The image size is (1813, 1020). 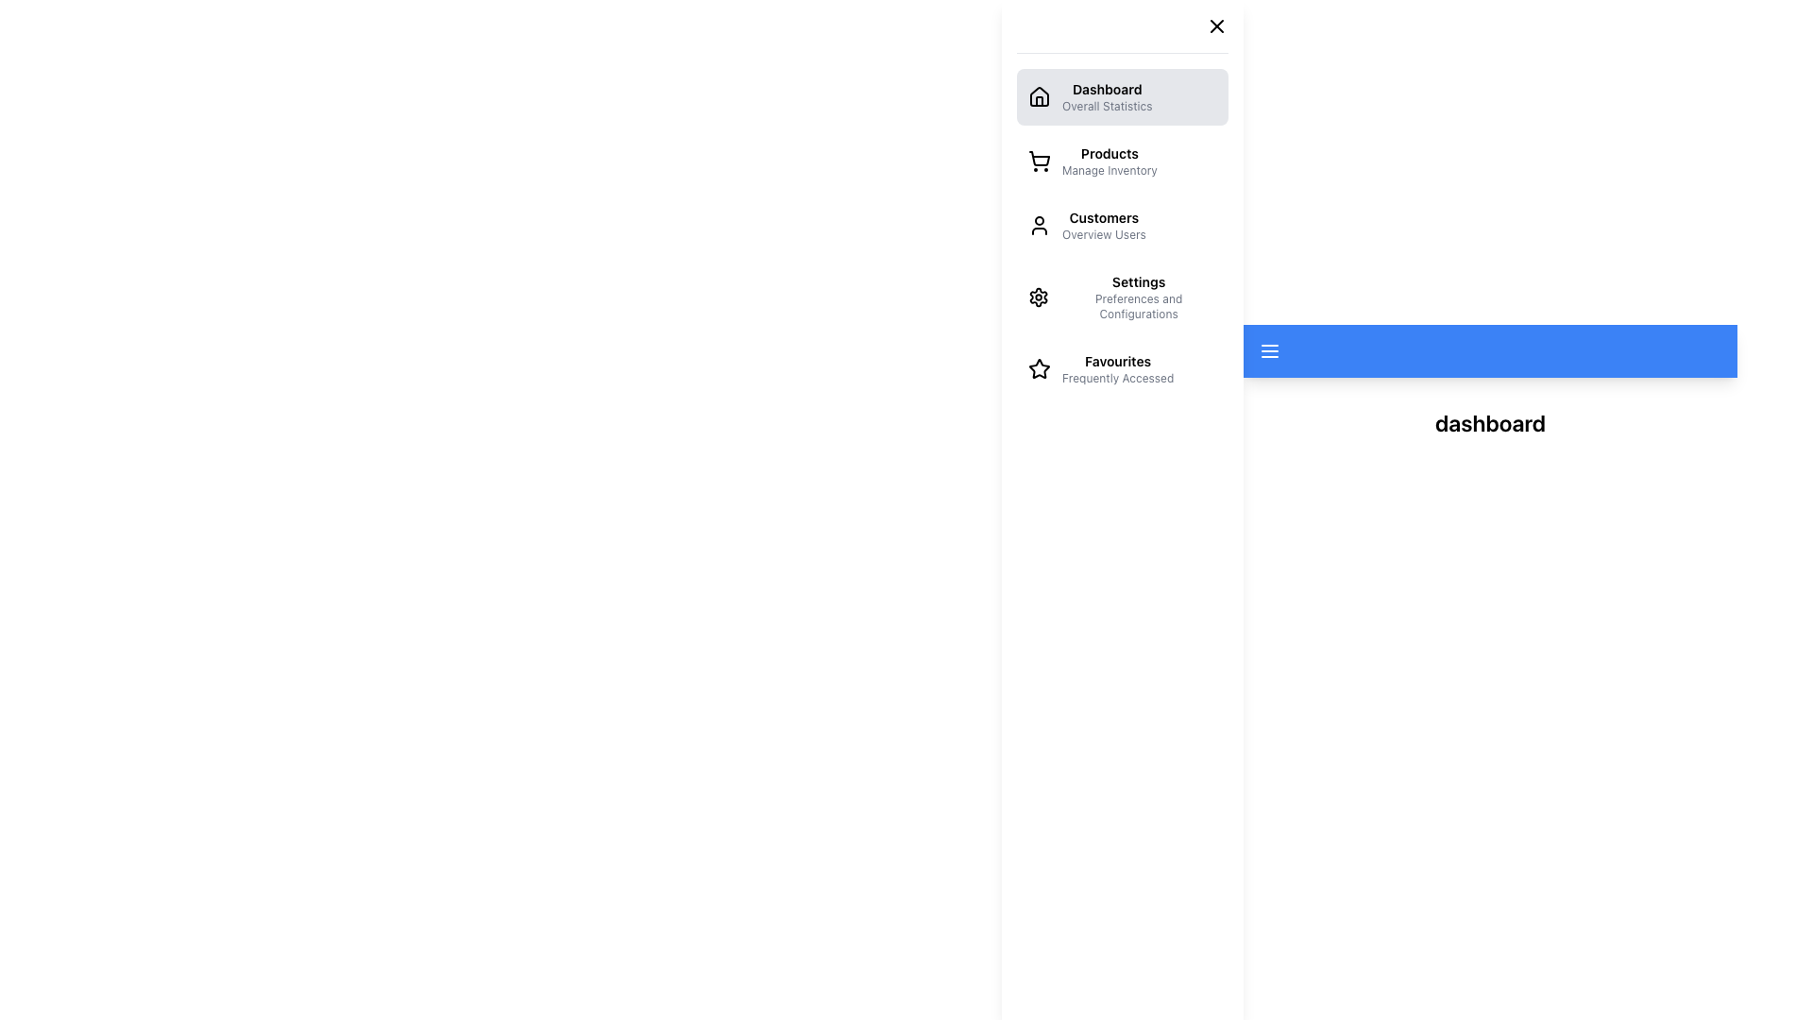 I want to click on the settings icon located in the navigation panel next to the 'Settings' text, under 'Customers' and above 'Favourites', so click(x=1038, y=297).